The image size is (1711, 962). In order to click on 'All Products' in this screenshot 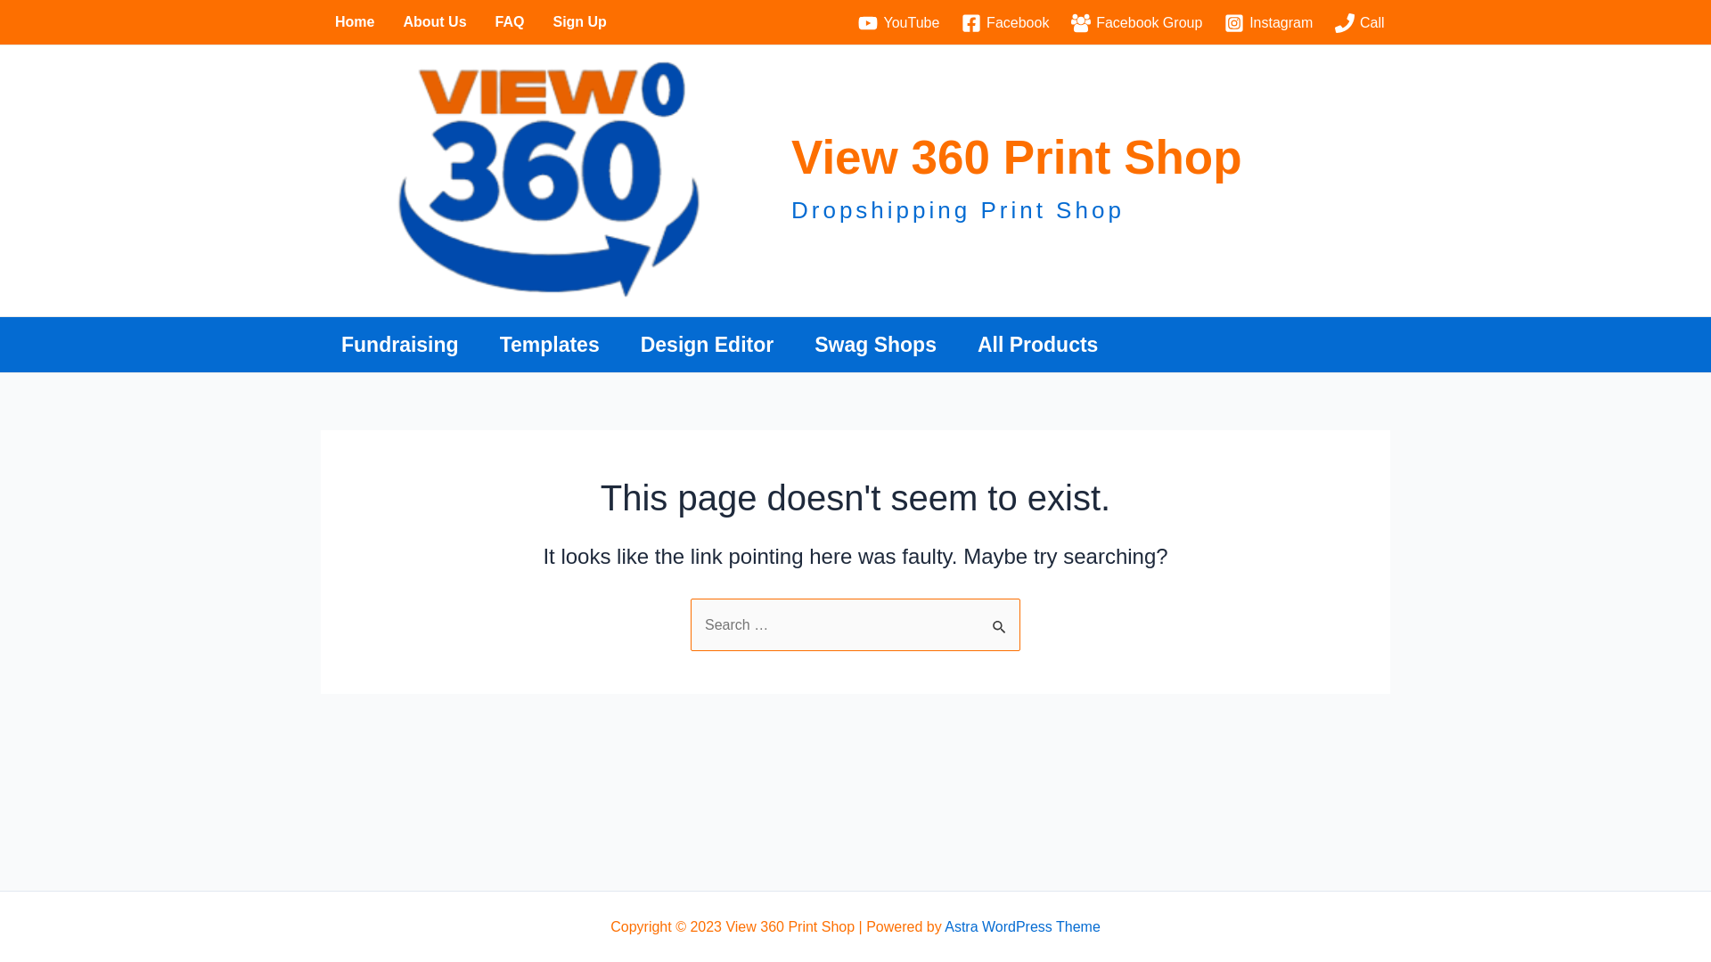, I will do `click(1037, 344)`.